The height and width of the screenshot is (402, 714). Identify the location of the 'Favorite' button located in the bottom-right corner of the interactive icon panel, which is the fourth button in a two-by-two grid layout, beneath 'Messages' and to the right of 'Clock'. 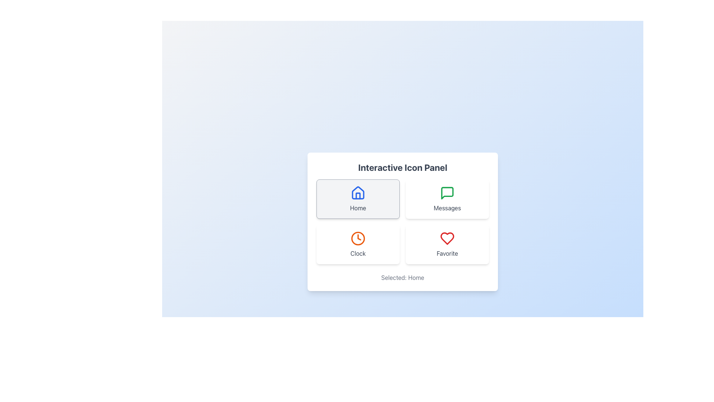
(447, 244).